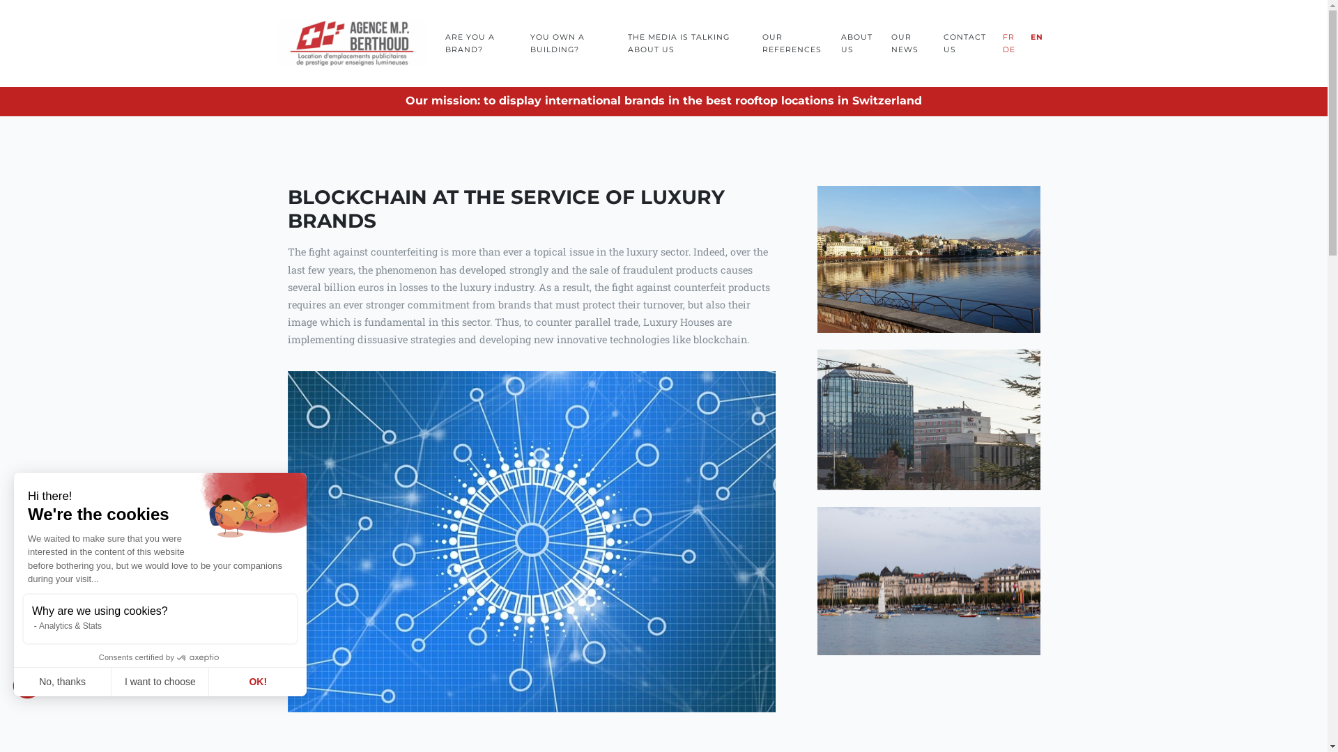  What do you see at coordinates (858, 42) in the screenshot?
I see `'ABOUT US'` at bounding box center [858, 42].